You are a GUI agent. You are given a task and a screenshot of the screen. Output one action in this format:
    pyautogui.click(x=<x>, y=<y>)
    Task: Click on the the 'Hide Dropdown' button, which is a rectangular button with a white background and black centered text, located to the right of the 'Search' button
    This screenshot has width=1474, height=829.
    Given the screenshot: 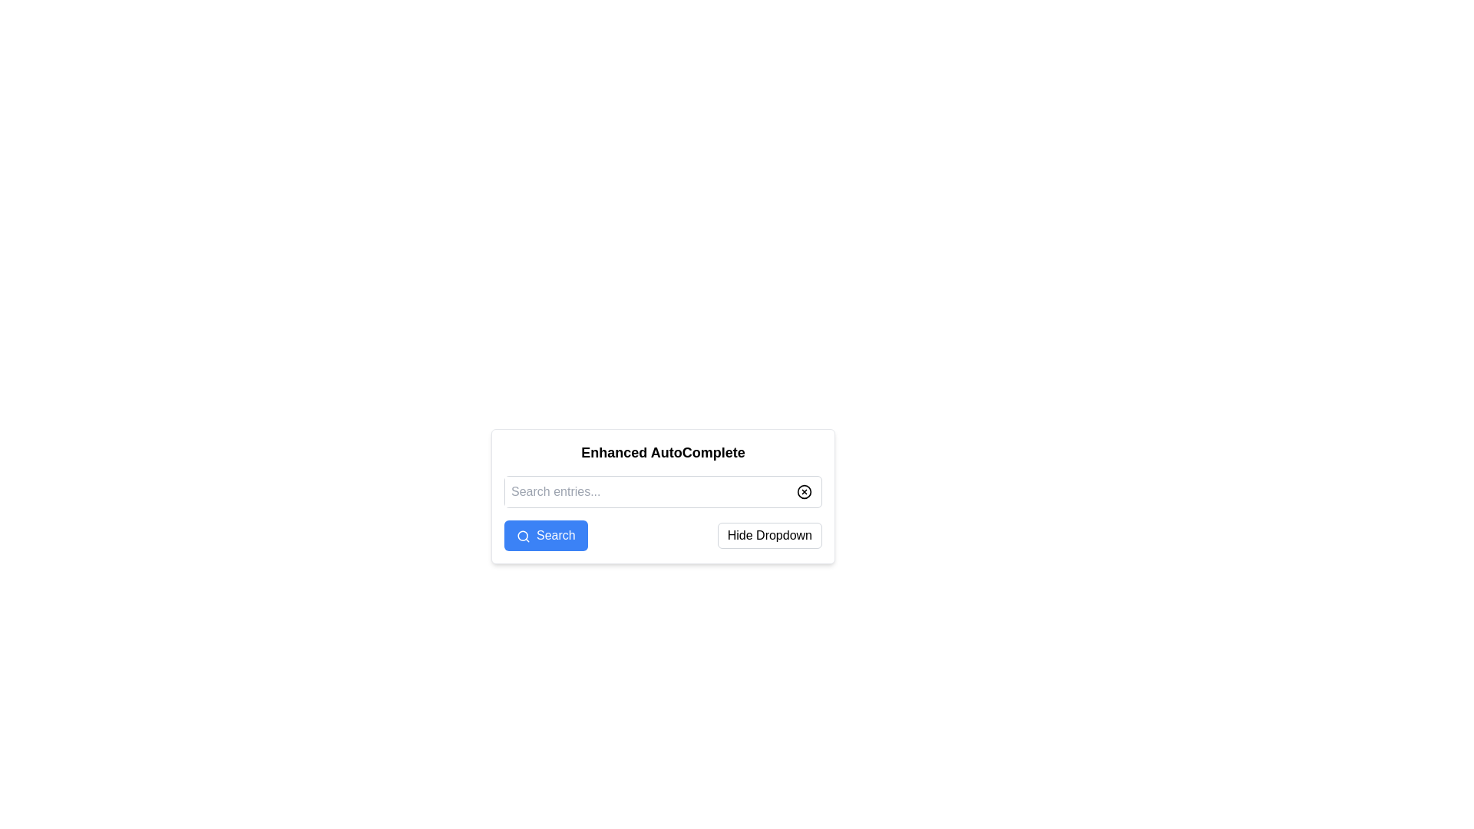 What is the action you would take?
    pyautogui.click(x=769, y=535)
    